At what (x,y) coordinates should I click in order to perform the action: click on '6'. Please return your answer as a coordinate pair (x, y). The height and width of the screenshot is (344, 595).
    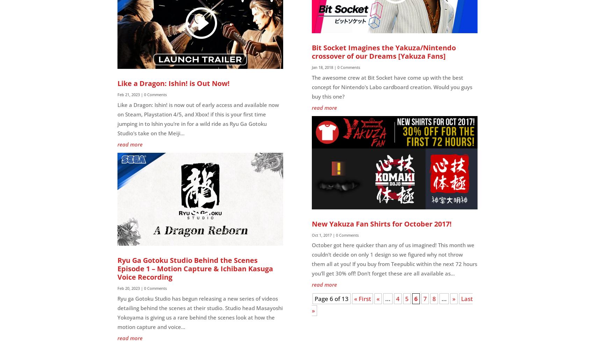
    Looking at the image, I should click on (414, 298).